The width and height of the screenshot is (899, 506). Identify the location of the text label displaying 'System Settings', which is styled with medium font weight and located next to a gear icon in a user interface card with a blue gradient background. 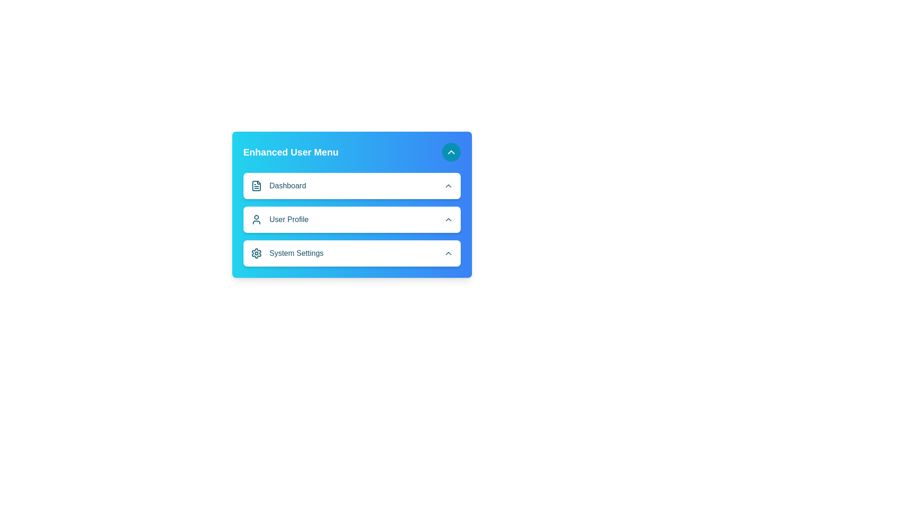
(296, 253).